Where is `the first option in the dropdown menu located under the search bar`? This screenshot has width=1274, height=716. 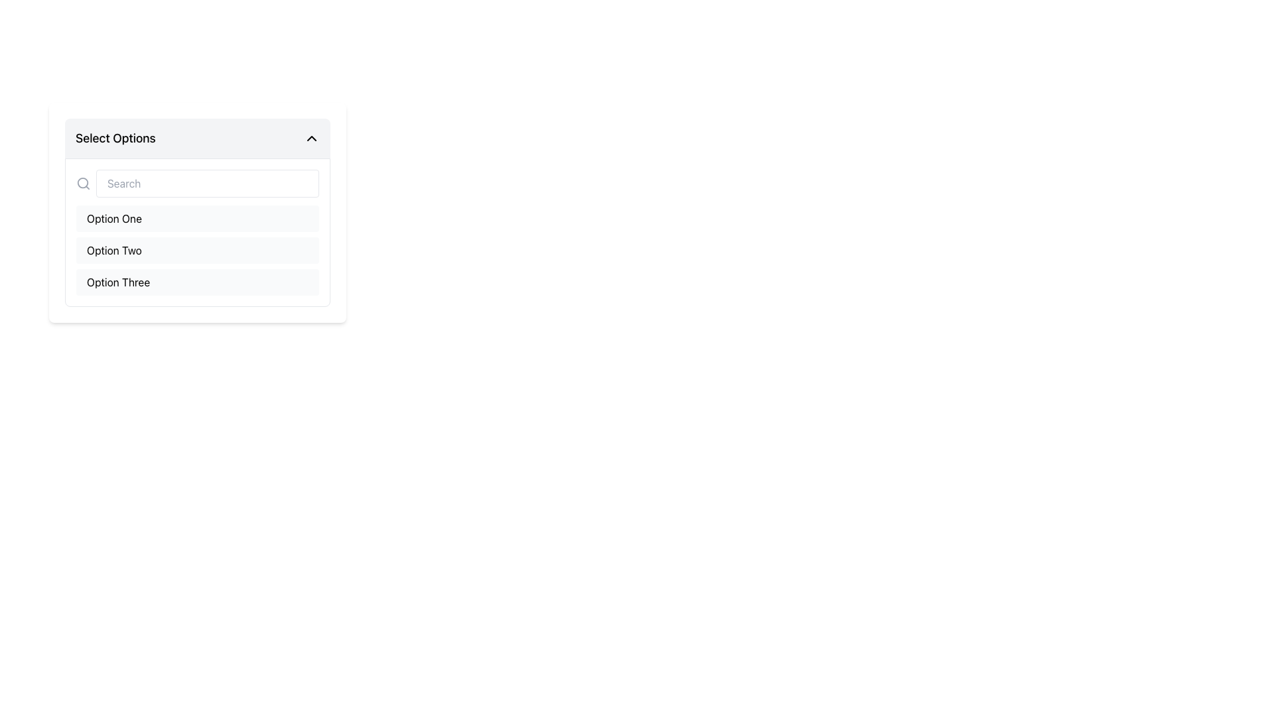 the first option in the dropdown menu located under the search bar is located at coordinates (196, 218).